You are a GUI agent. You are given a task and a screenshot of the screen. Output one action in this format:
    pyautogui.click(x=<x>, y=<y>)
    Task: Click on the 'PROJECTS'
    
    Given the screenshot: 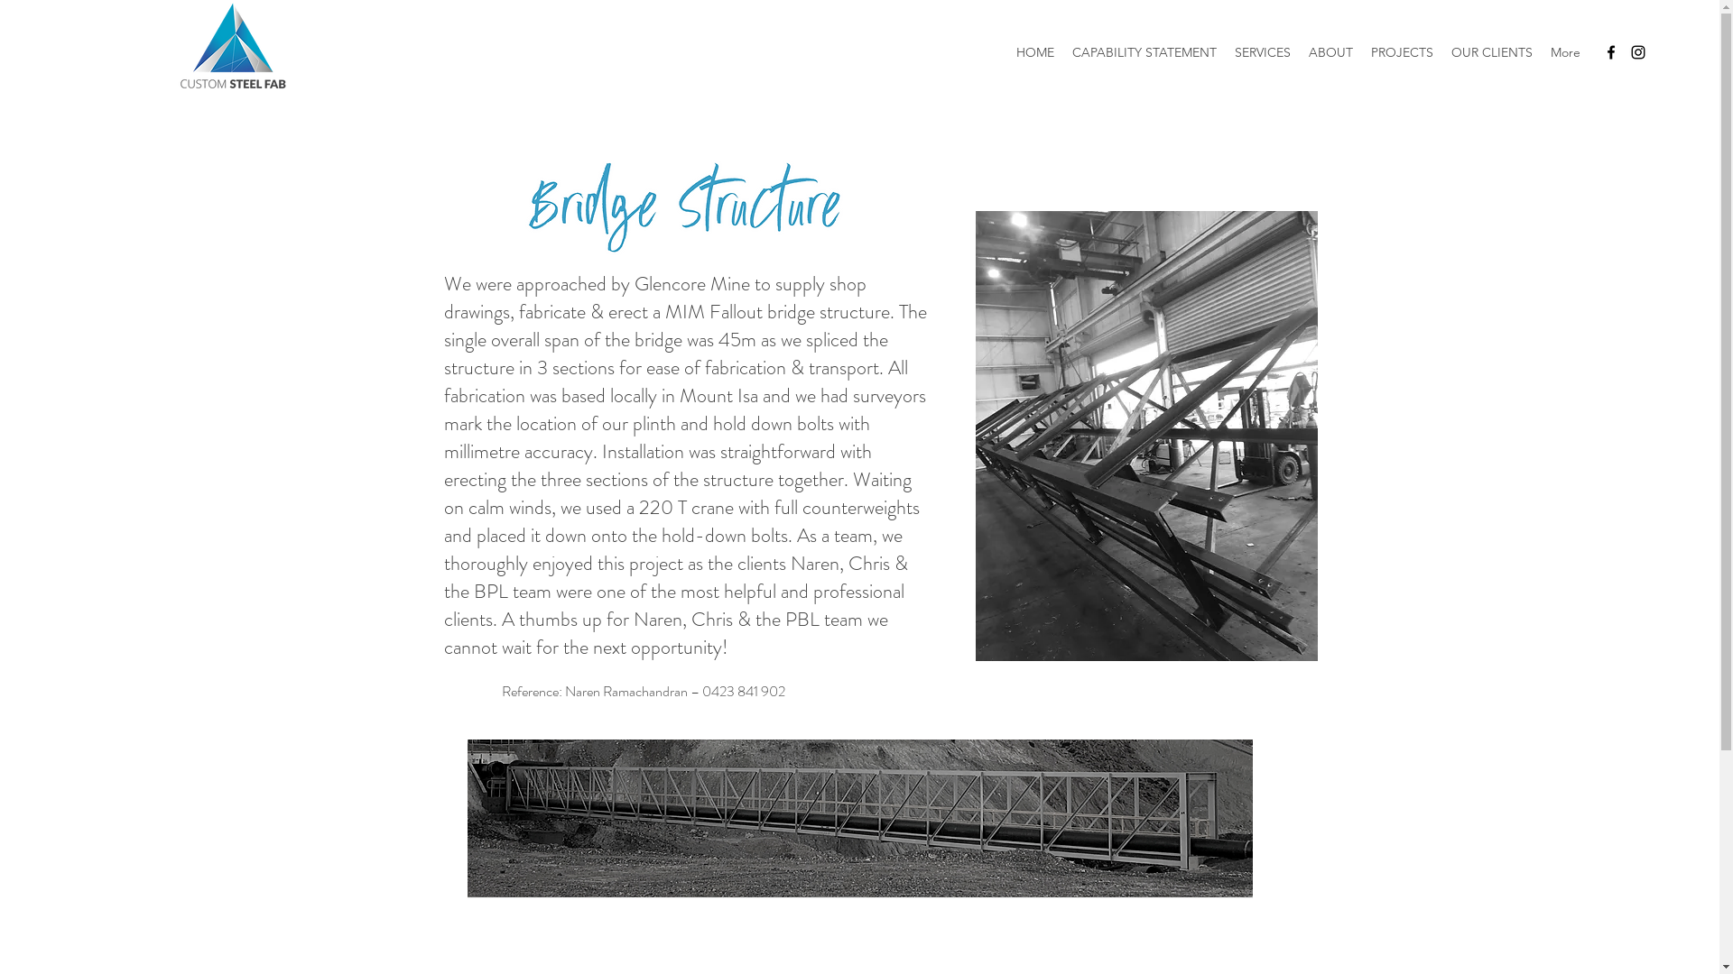 What is the action you would take?
    pyautogui.click(x=1401, y=51)
    